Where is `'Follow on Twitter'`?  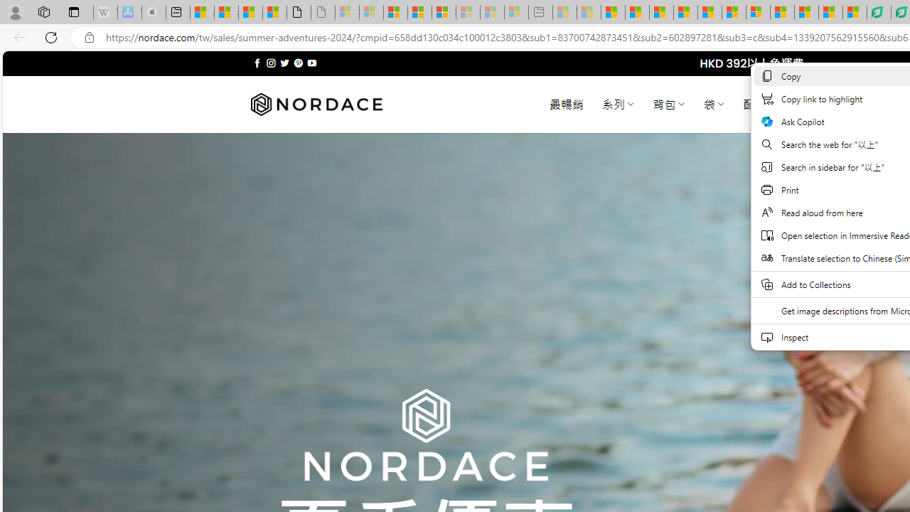 'Follow on Twitter' is located at coordinates (284, 63).